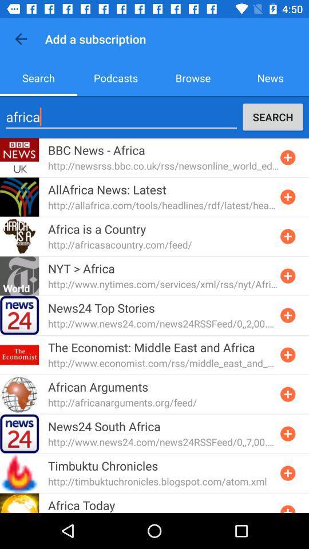 The image size is (309, 549). I want to click on the african arguments, so click(98, 387).